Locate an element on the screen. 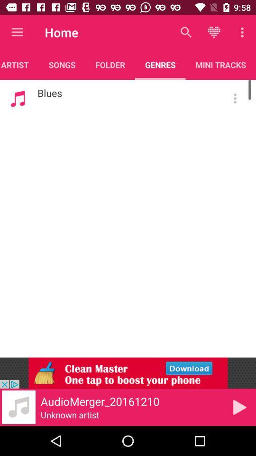 Image resolution: width=256 pixels, height=456 pixels. advertisement display is located at coordinates (128, 373).